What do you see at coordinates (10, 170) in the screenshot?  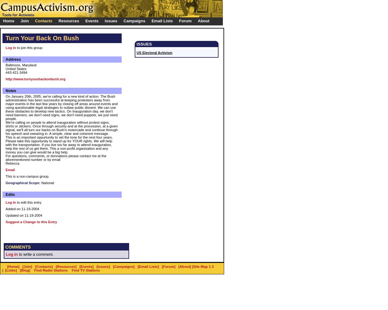 I see `'Email'` at bounding box center [10, 170].